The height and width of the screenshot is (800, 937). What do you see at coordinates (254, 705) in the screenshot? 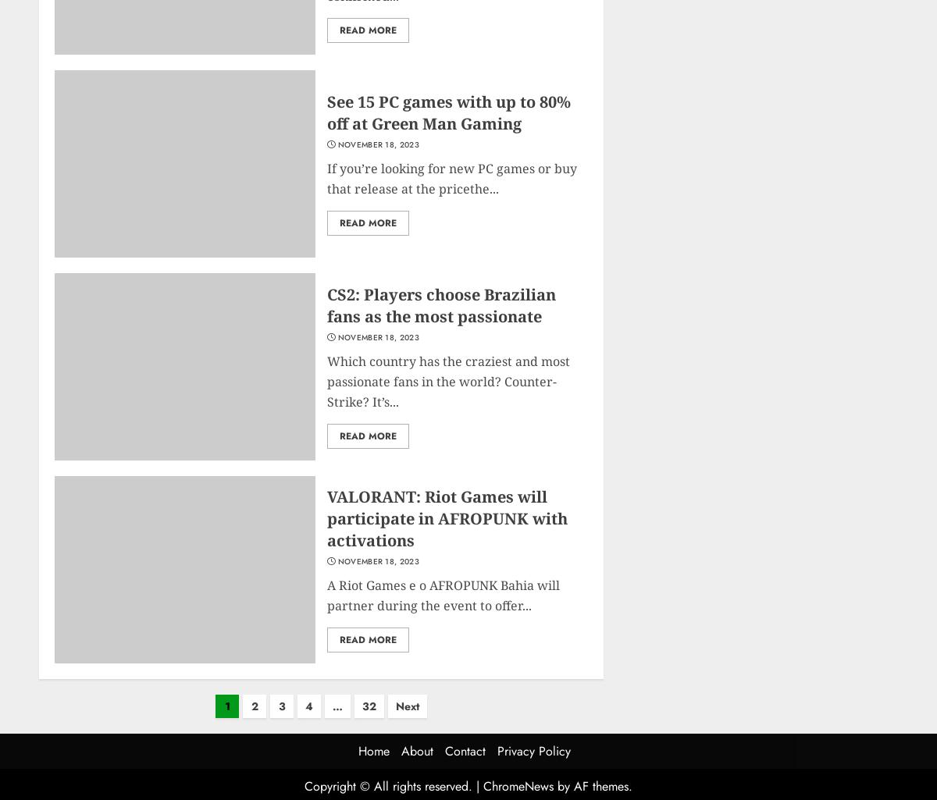
I see `'2'` at bounding box center [254, 705].